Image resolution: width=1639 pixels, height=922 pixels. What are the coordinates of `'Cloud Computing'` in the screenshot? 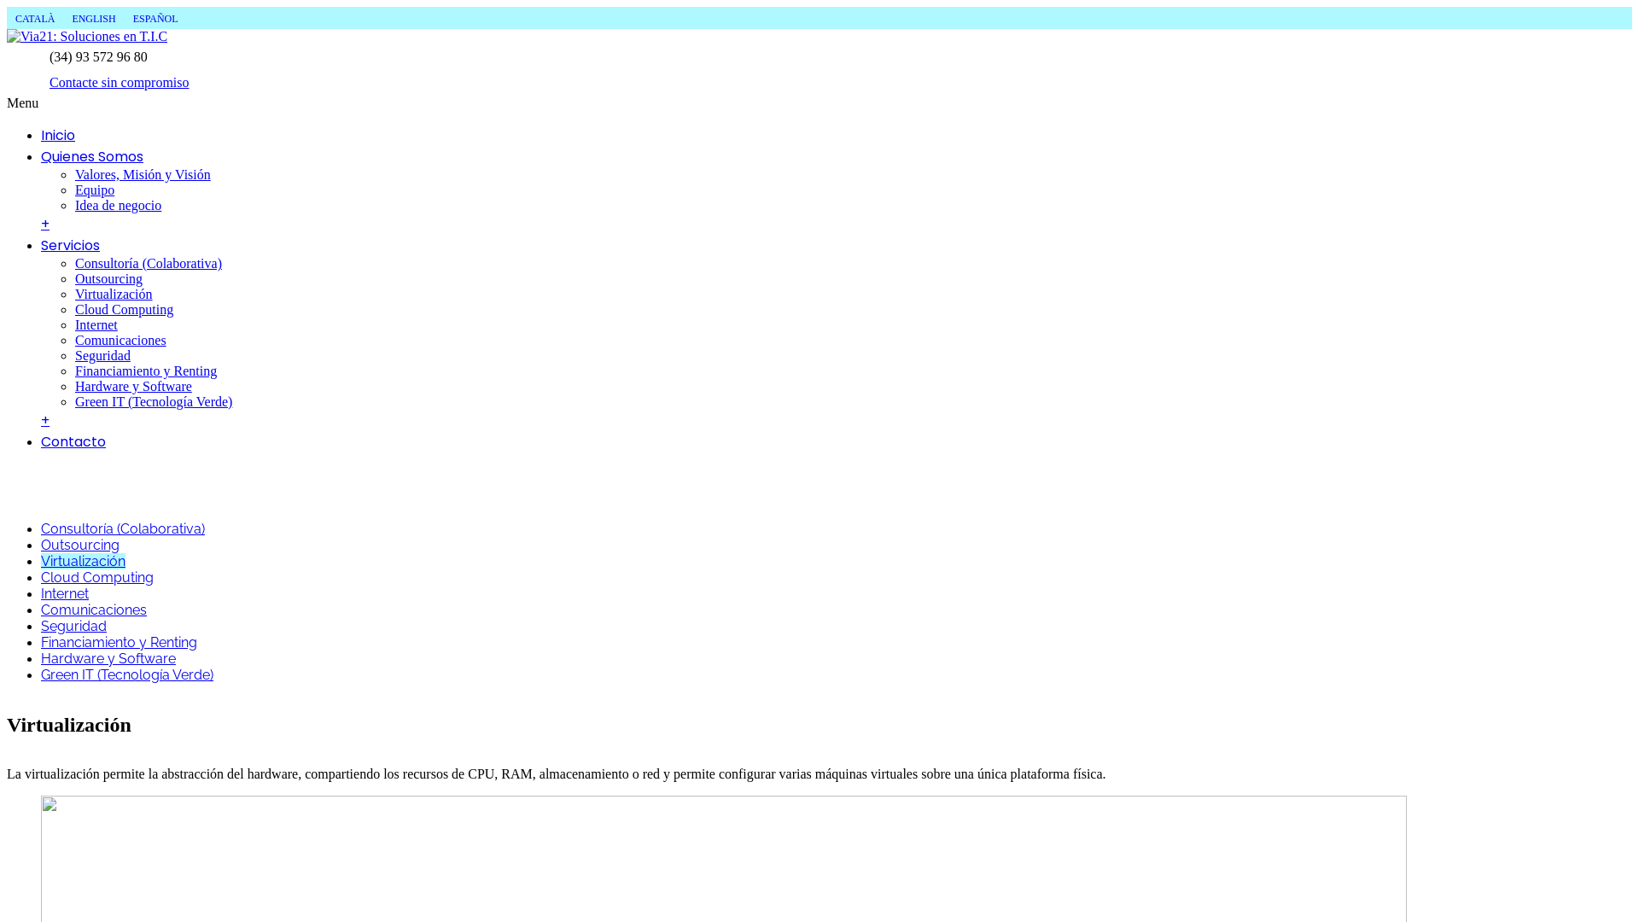 It's located at (41, 576).